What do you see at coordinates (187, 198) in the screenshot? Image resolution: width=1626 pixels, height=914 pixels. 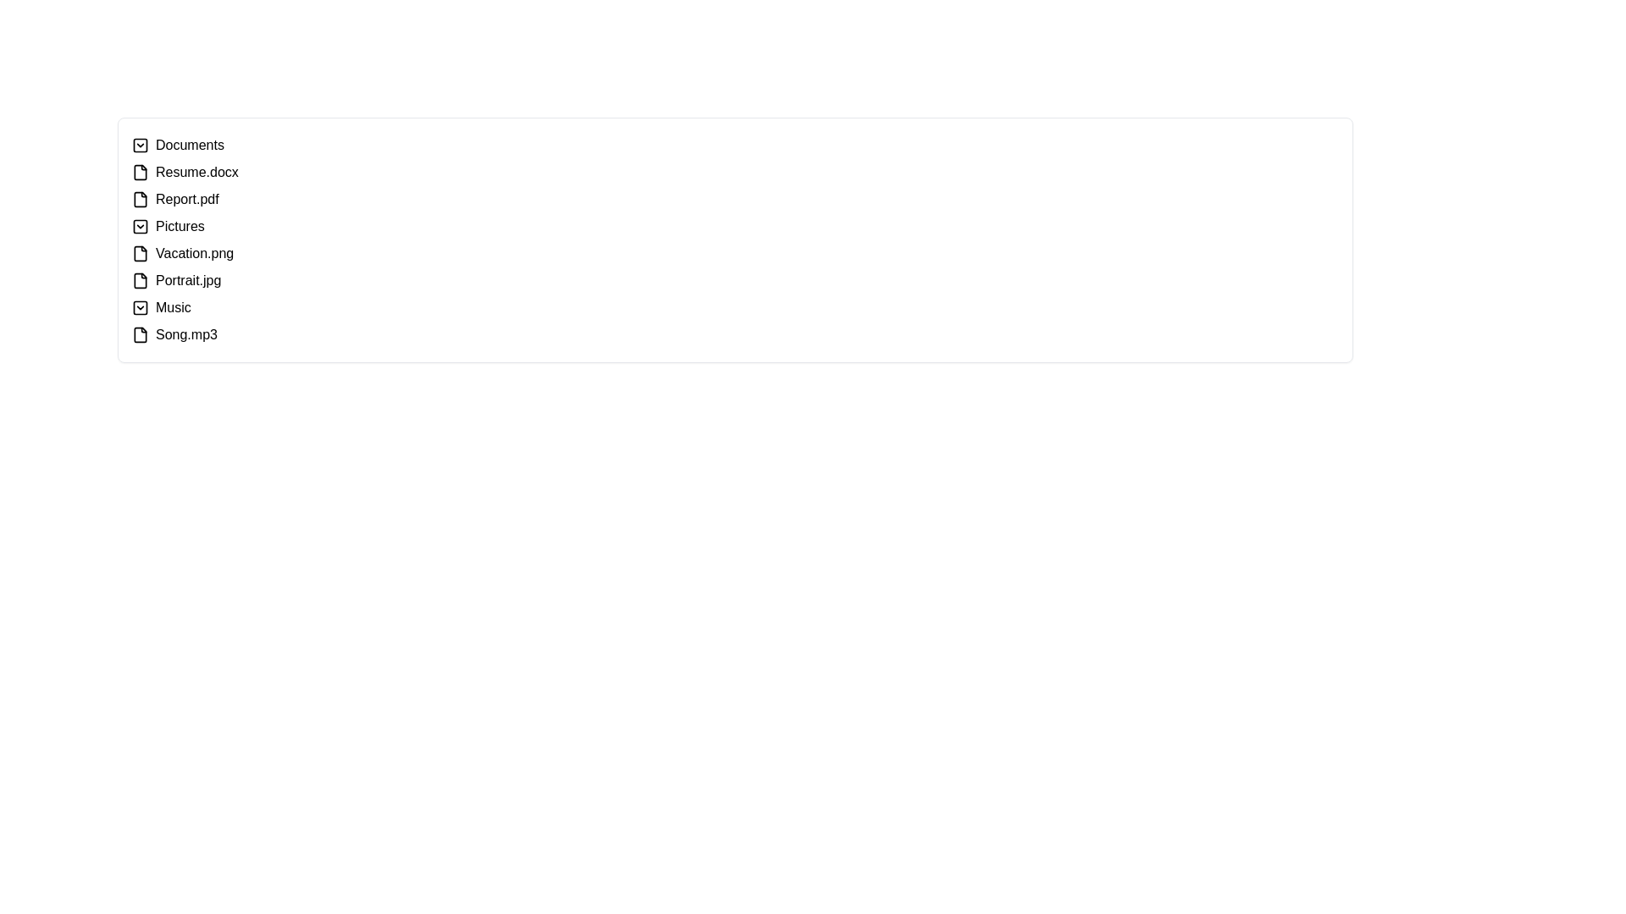 I see `the 'Report.pdf' text label located` at bounding box center [187, 198].